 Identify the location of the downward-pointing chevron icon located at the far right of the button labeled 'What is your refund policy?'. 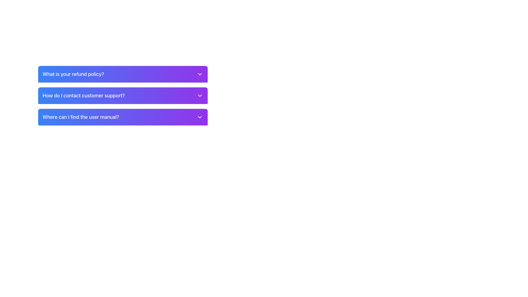
(199, 74).